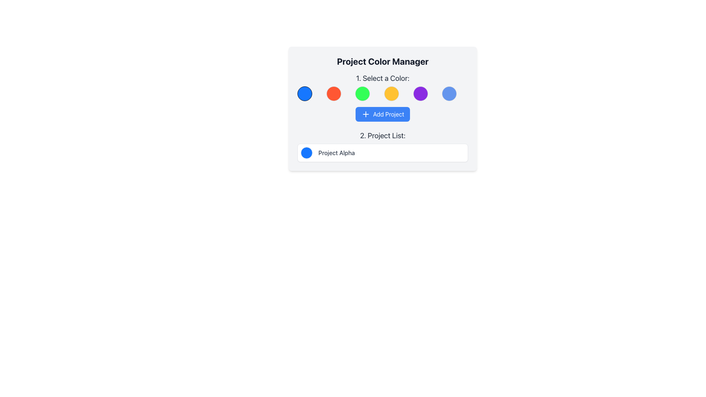  What do you see at coordinates (382, 114) in the screenshot?
I see `the 'Add Project' button, which has a blue background, white text, and a plus sign icon, located below the colored circles and above the '2. Project List:' section` at bounding box center [382, 114].